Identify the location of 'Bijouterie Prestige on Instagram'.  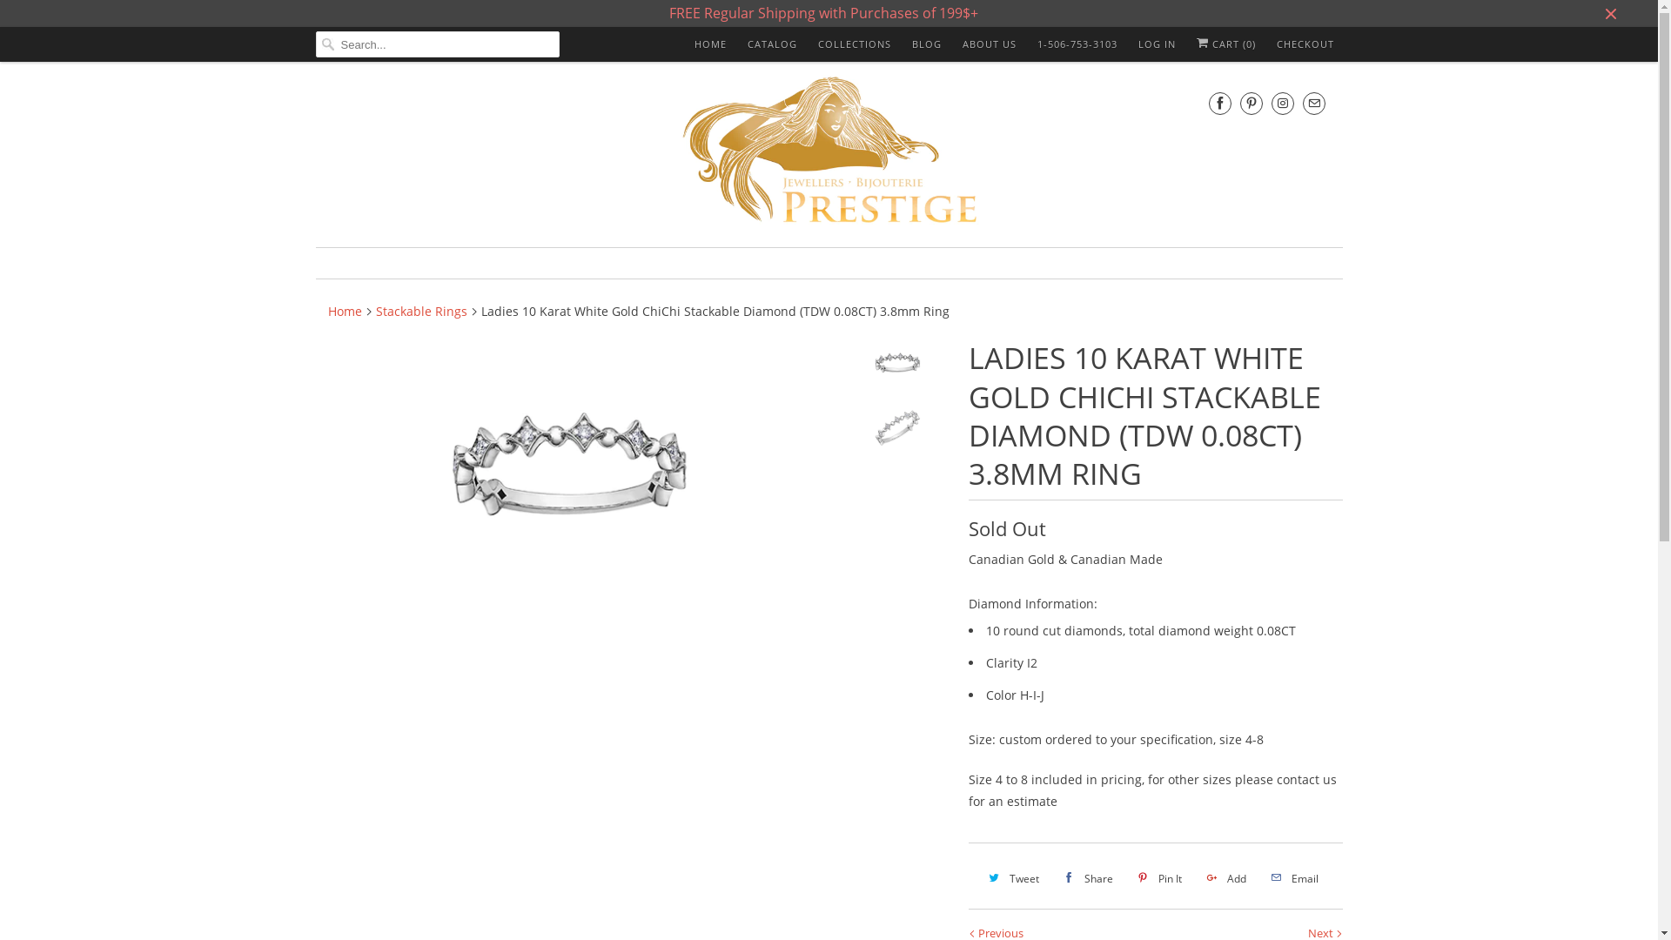
(1282, 103).